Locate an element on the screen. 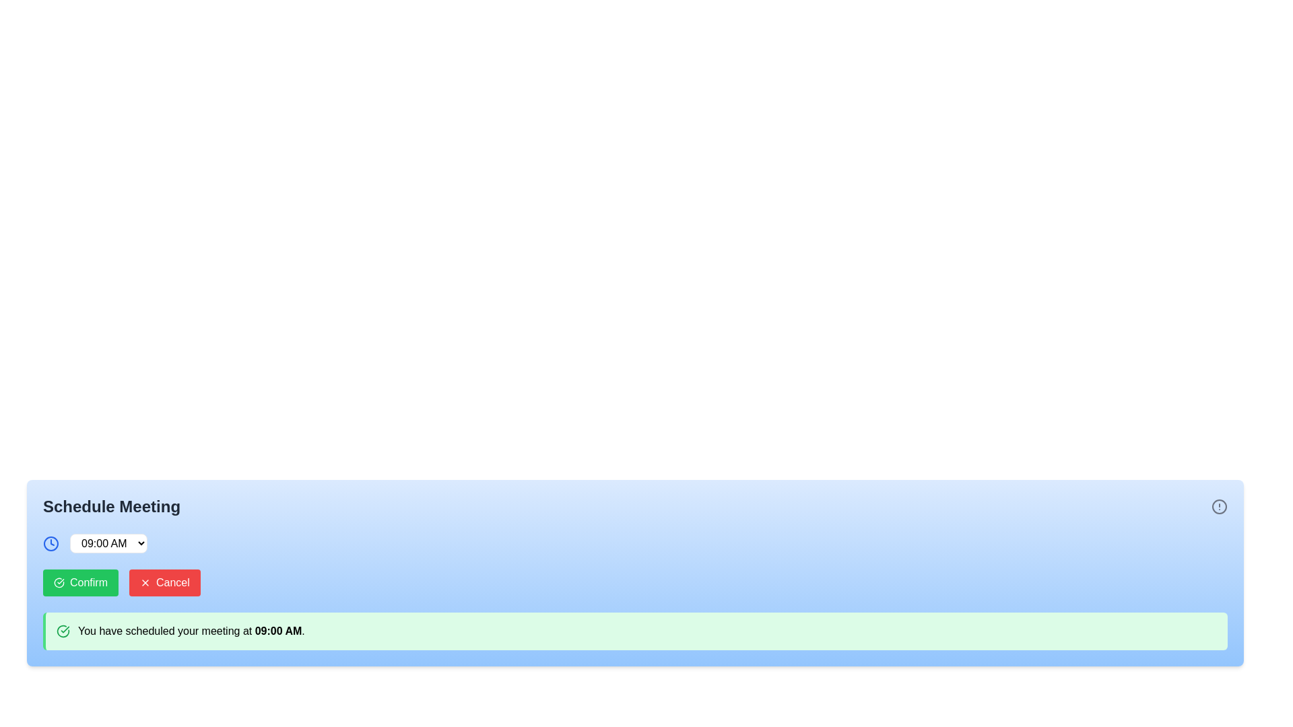 This screenshot has width=1293, height=727. the clock icon, which is a circular blue icon with hour and minute hands, located at the leftmost position of a horizontal group of elements is located at coordinates (51, 543).